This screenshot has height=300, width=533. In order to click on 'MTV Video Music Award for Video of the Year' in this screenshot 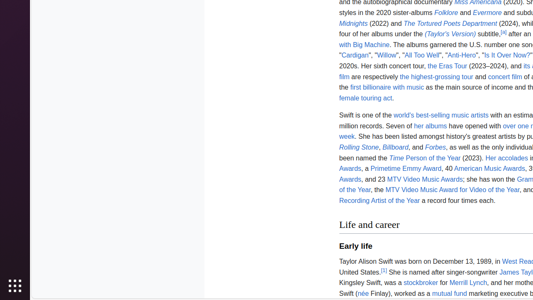, I will do `click(452, 190)`.